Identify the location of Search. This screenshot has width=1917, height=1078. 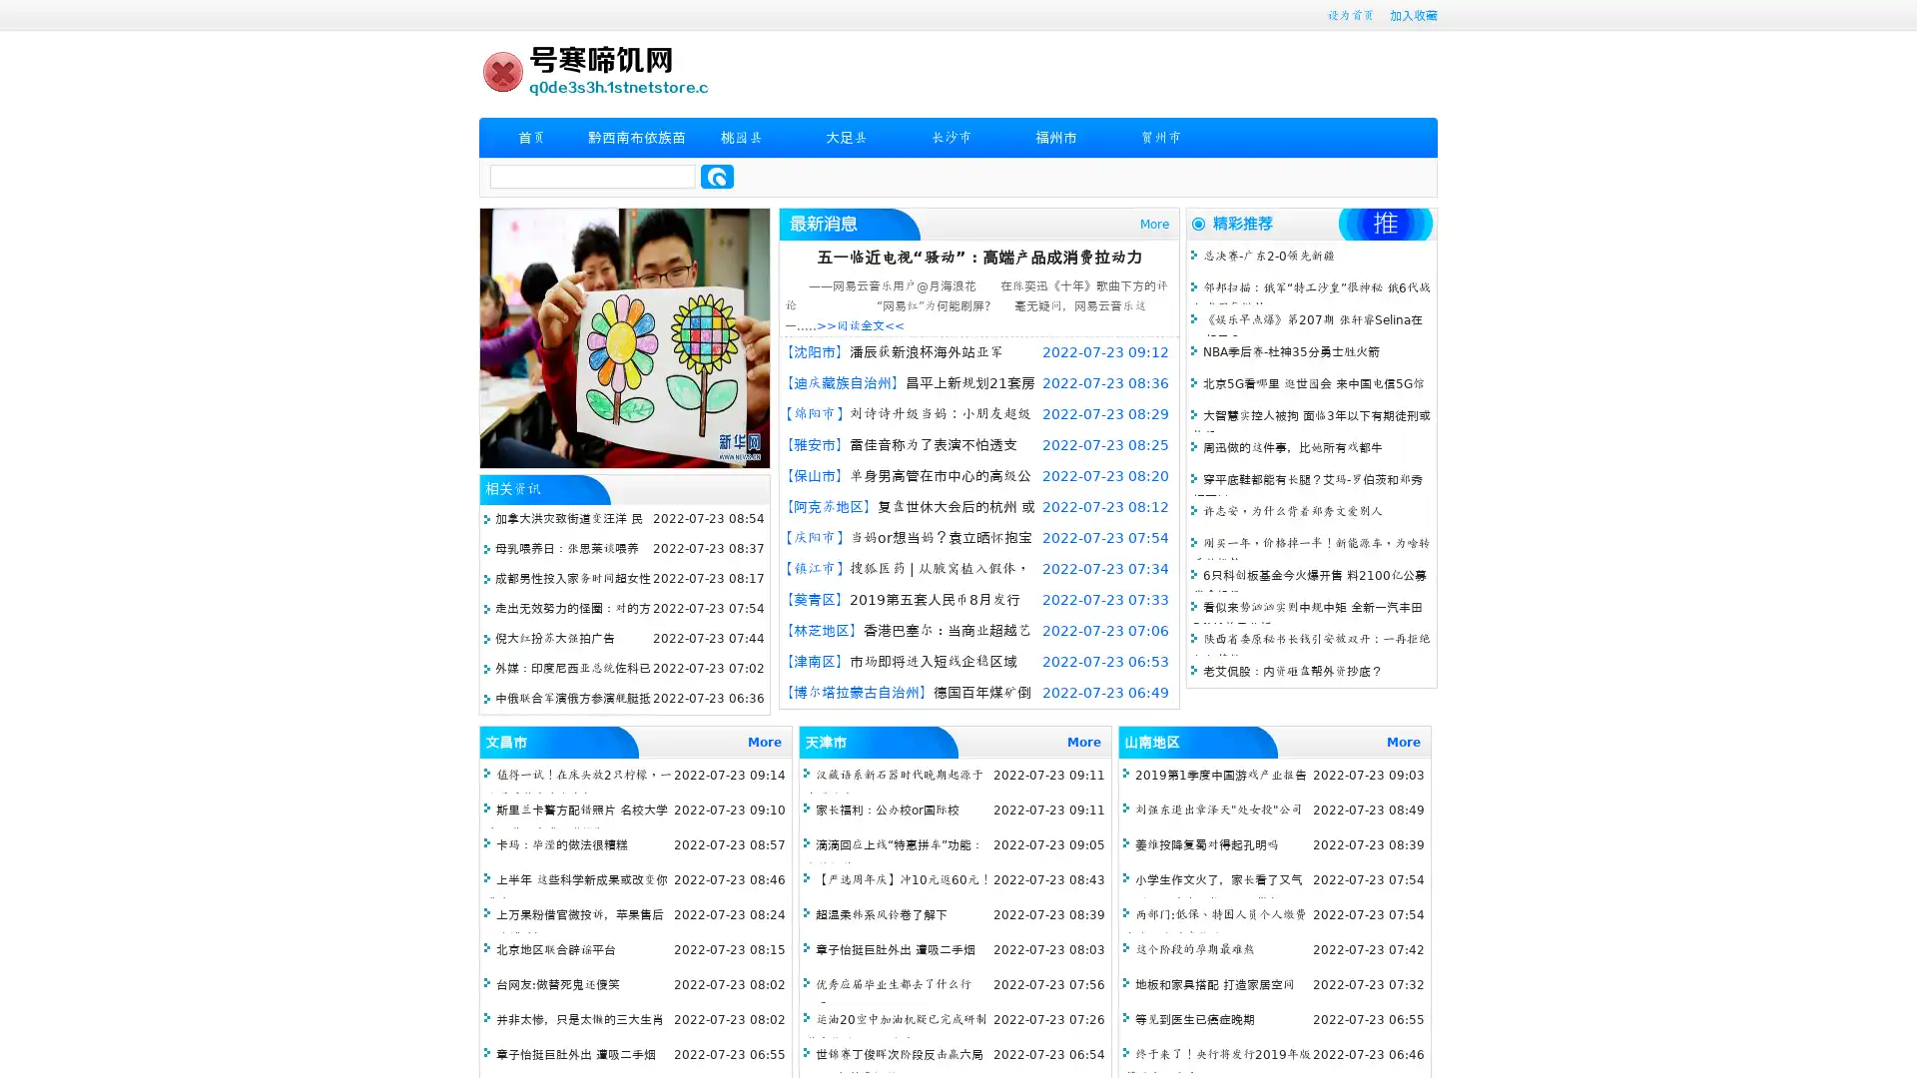
(717, 176).